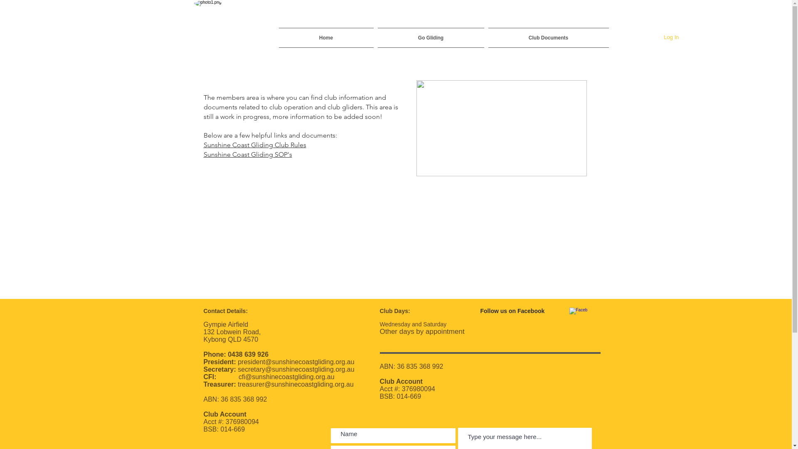 The image size is (798, 449). Describe the element at coordinates (431, 38) in the screenshot. I see `'Go Gliding'` at that location.